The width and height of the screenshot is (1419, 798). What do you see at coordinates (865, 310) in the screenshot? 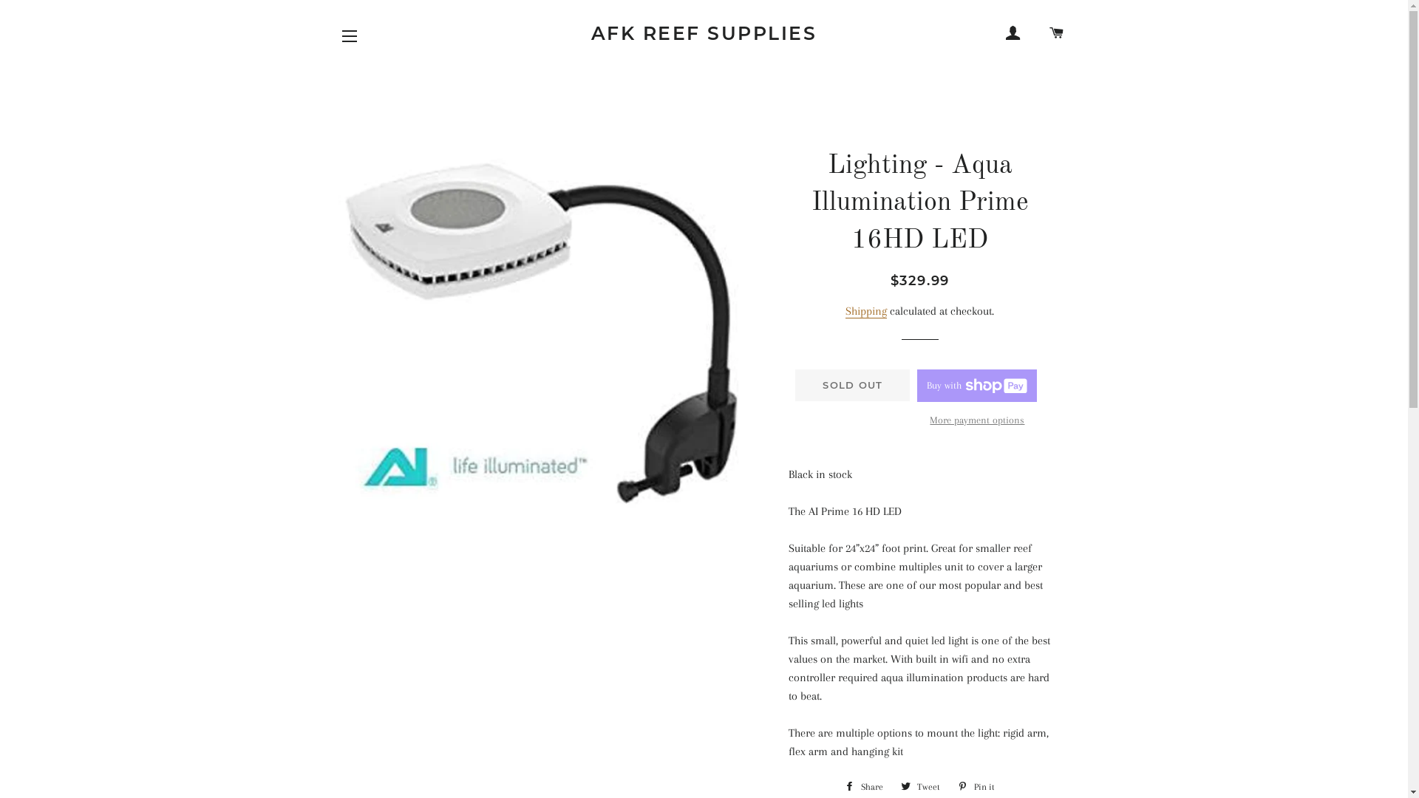
I see `'Shipping'` at bounding box center [865, 310].